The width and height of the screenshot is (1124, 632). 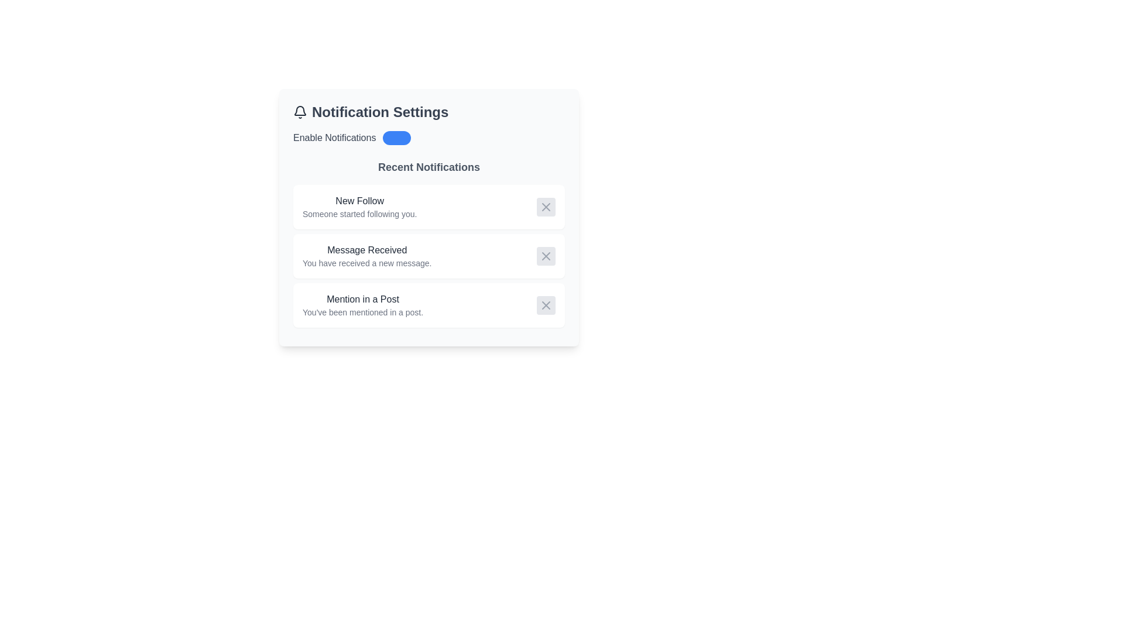 I want to click on the text label that says 'Someone started following you.' which is located within the notification card under the header 'New Follow', so click(x=359, y=214).